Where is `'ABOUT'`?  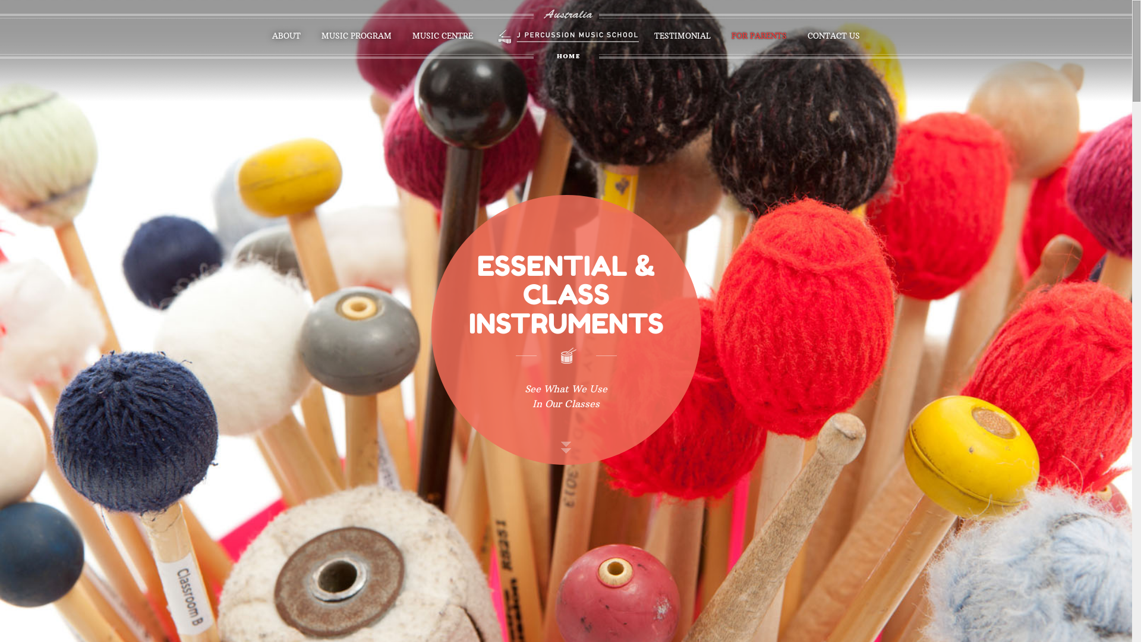 'ABOUT' is located at coordinates (286, 35).